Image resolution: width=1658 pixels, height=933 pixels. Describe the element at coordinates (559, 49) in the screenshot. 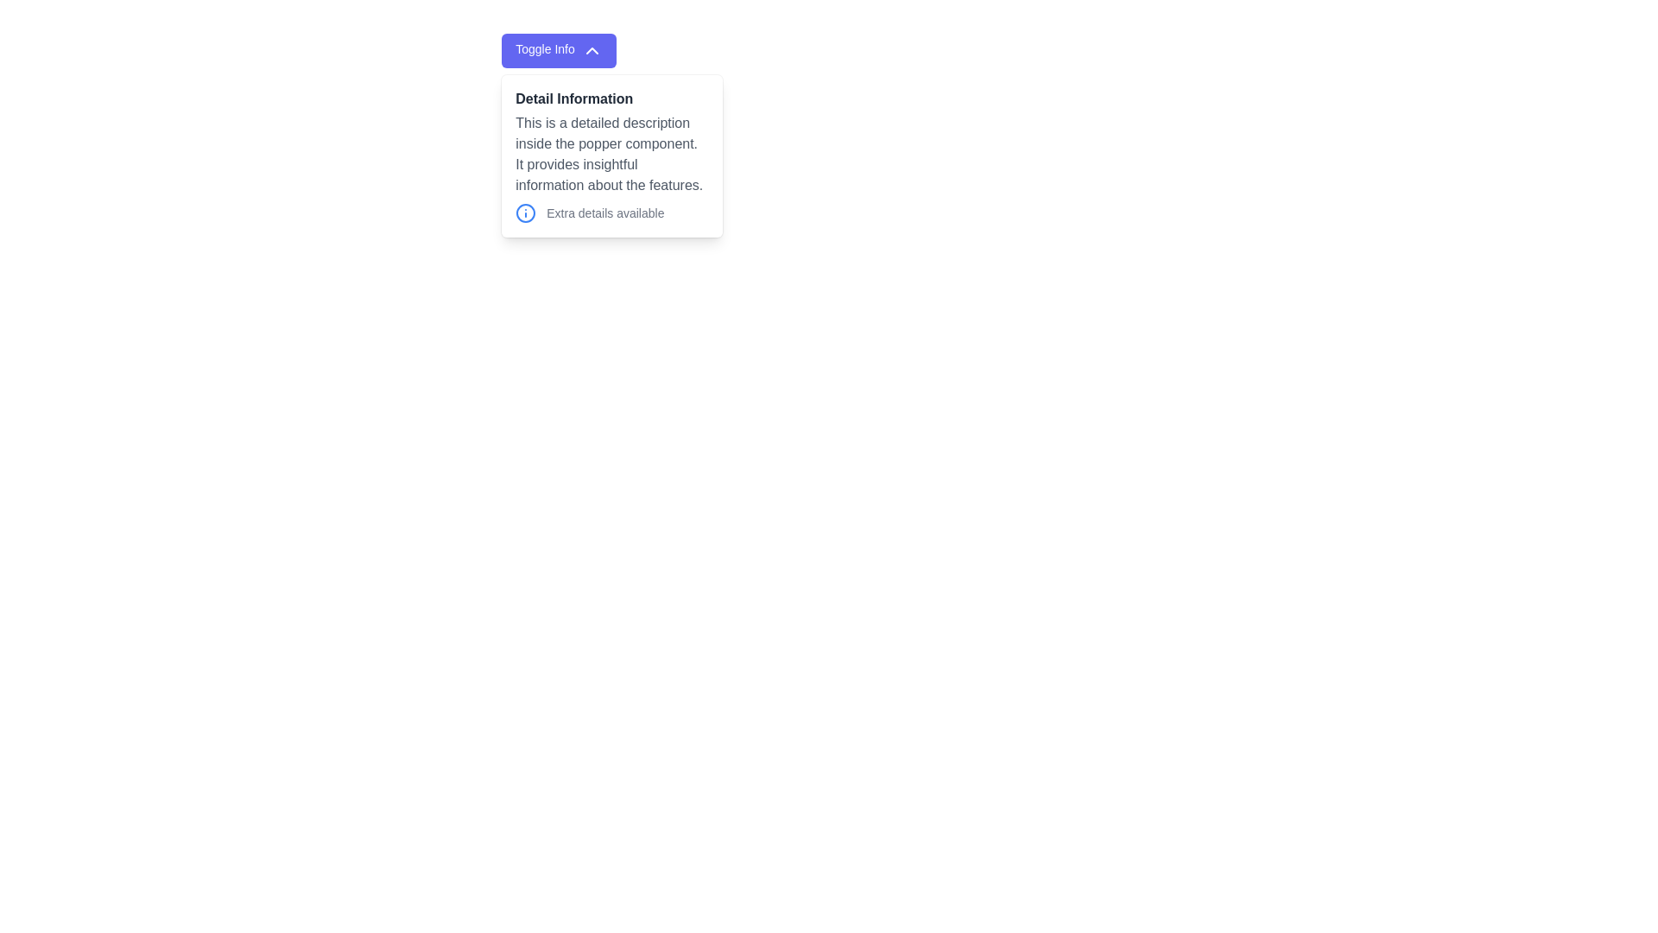

I see `the toggle button located at the top-left corner of the dialog box` at that location.